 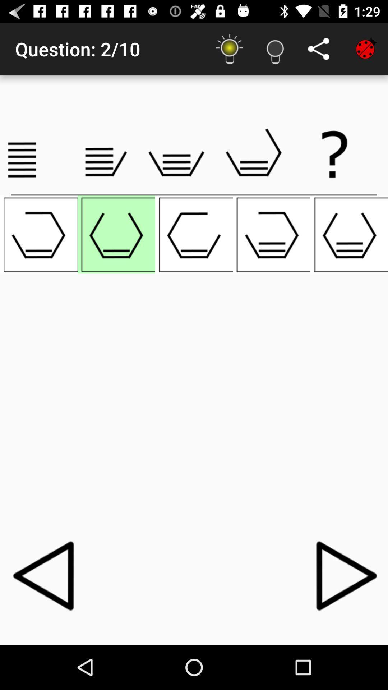 I want to click on icon at the bottom right corner, so click(x=342, y=575).